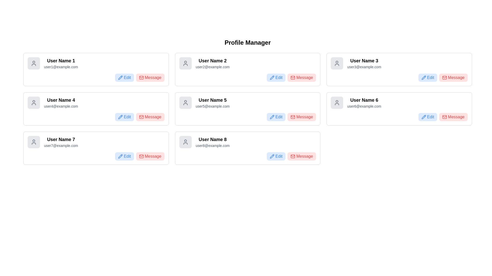 The image size is (492, 276). What do you see at coordinates (185, 102) in the screenshot?
I see `the user icon representing 'User Name 5' located in the upper-left corner of the card next to the text label` at bounding box center [185, 102].